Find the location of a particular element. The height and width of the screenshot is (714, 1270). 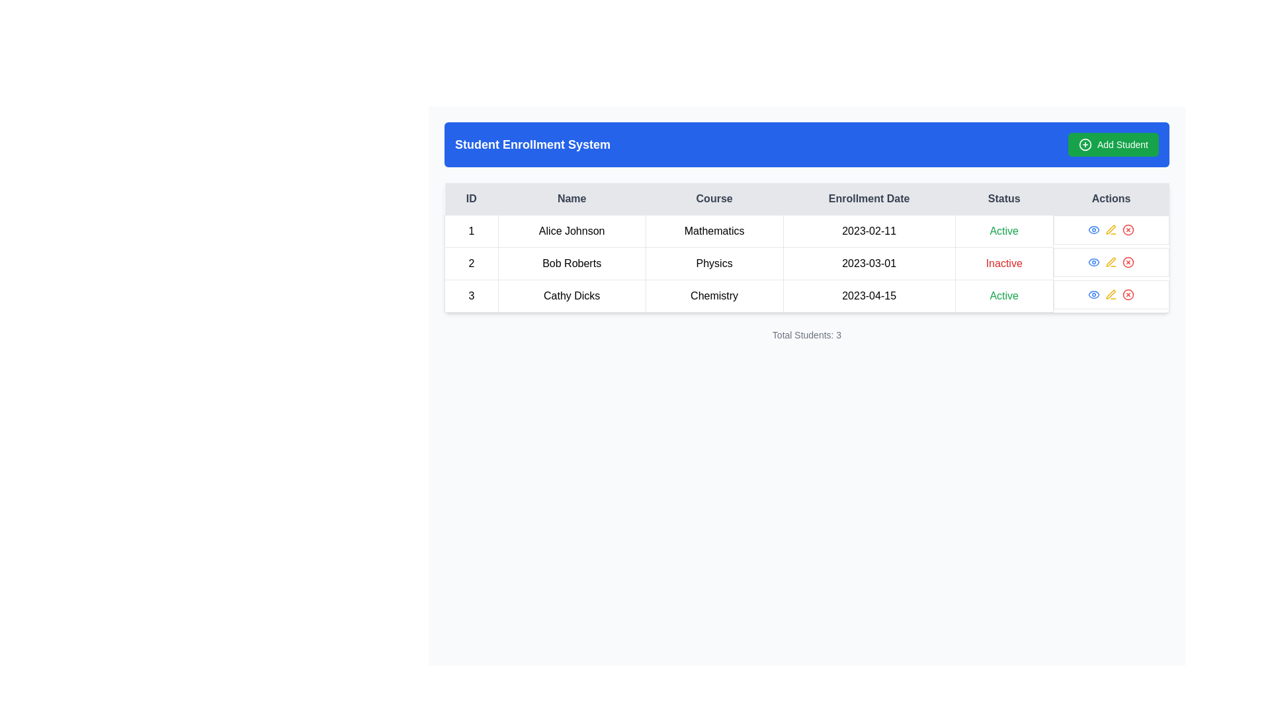

the 'Course' column header, which is the third column in a six-column table, located between the 'Name' and 'Enrollment Date' headers is located at coordinates (714, 199).